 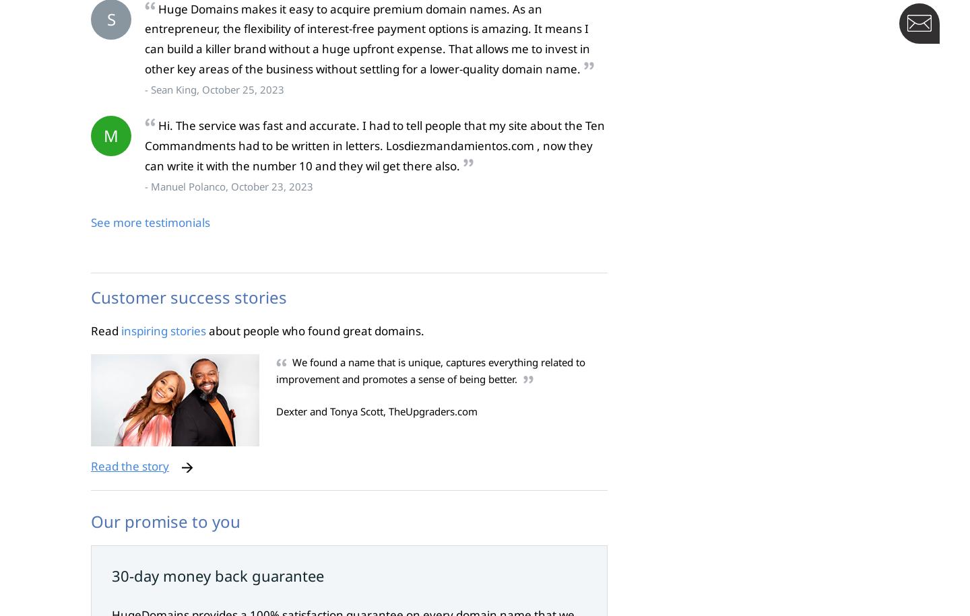 What do you see at coordinates (375, 145) in the screenshot?
I see `'Hi. The service was fast and accurate.
I had to tell people that my site about the Ten Commandments had to be written in letters. Losdiezmandamientos.com , now they can write it with the number 10 and they wil get there also.'` at bounding box center [375, 145].